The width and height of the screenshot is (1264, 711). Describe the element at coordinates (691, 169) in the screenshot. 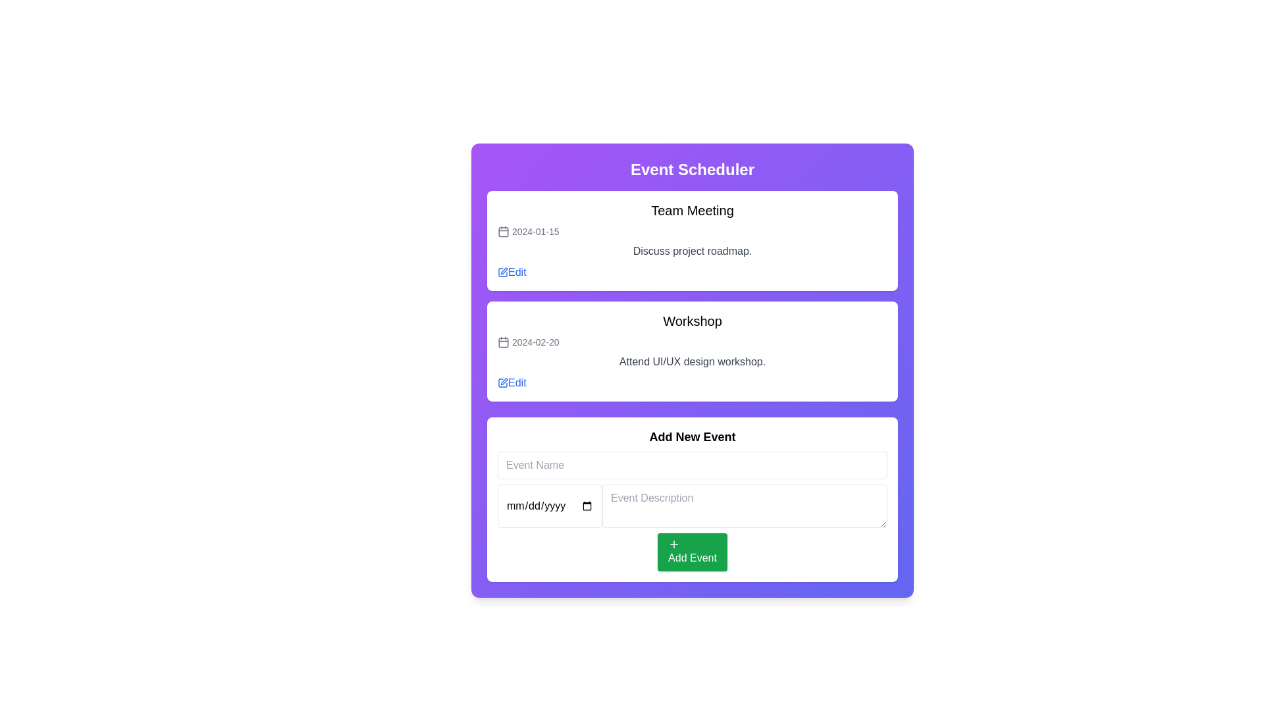

I see `the header text indicating the scheduling events section, located at the top of the card-like layout` at that location.